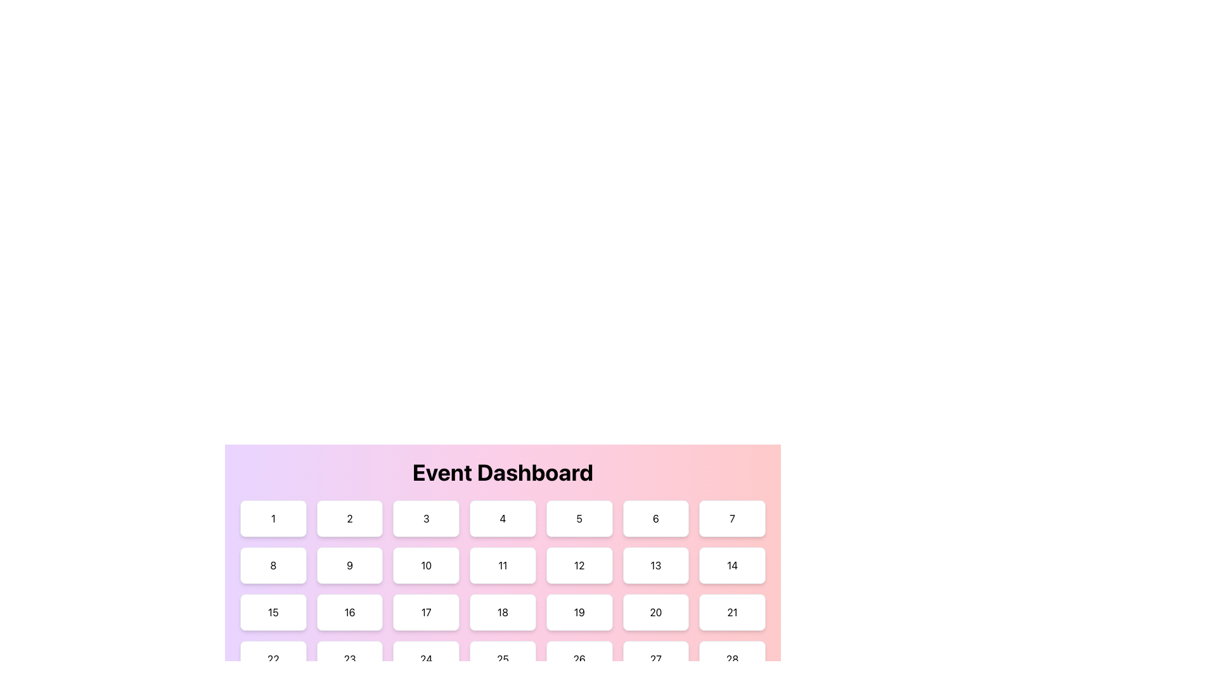  I want to click on the button located in the first column of the fourth row within the grid under the 'Event Dashboard' heading, so click(273, 659).